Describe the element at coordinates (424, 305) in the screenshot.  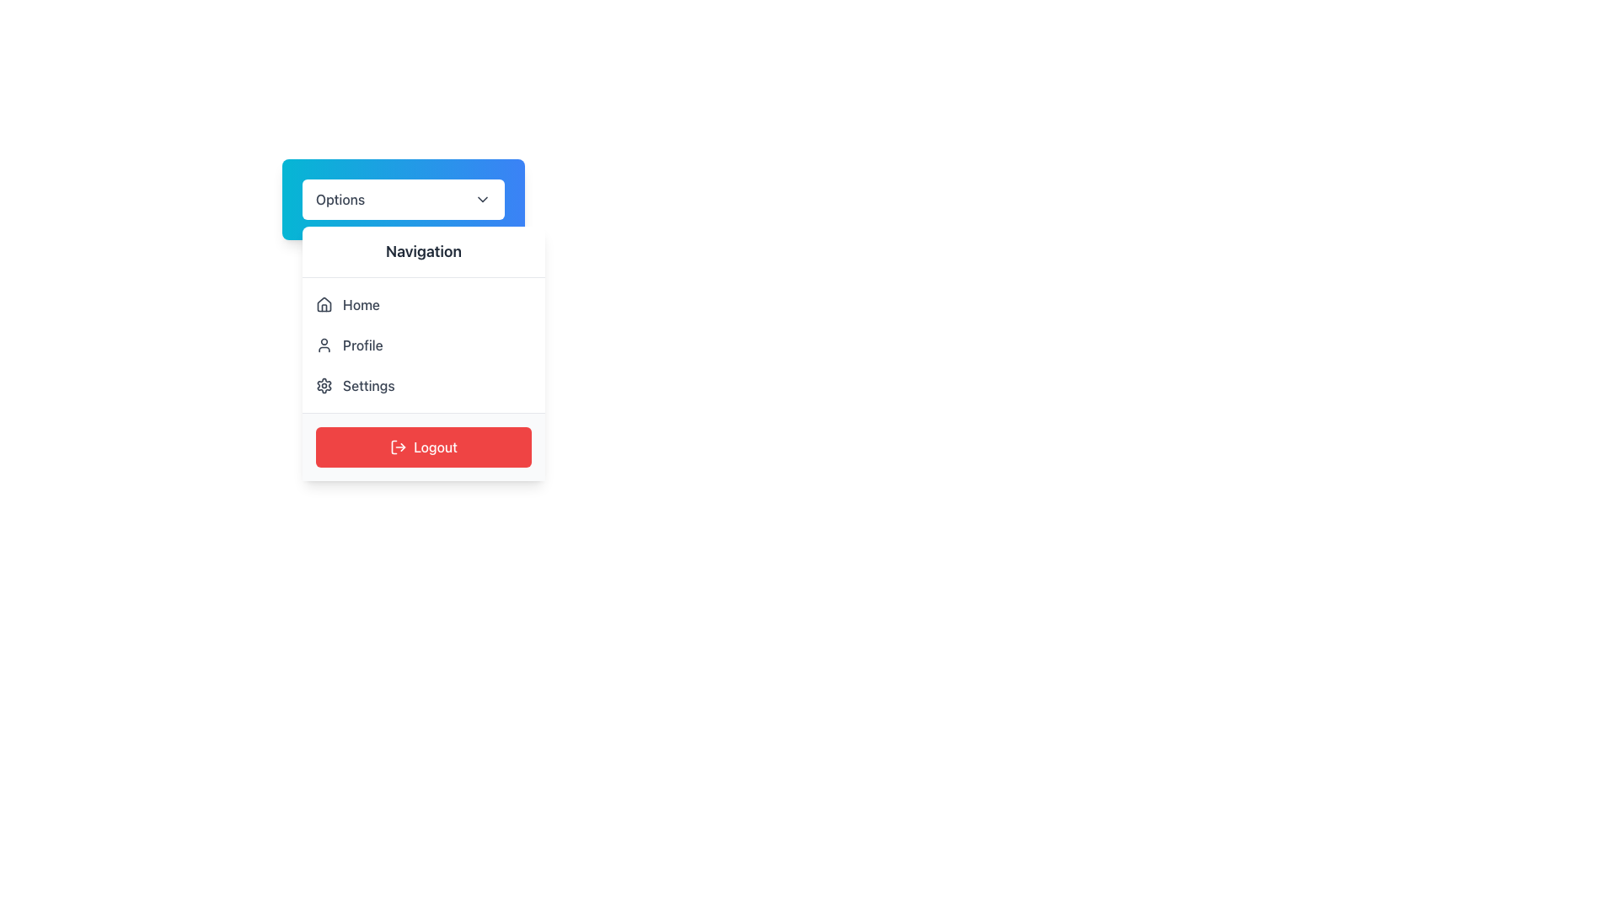
I see `the first button in the 'Navigation' dropdown list that serves as a link to the 'Home' page` at that location.